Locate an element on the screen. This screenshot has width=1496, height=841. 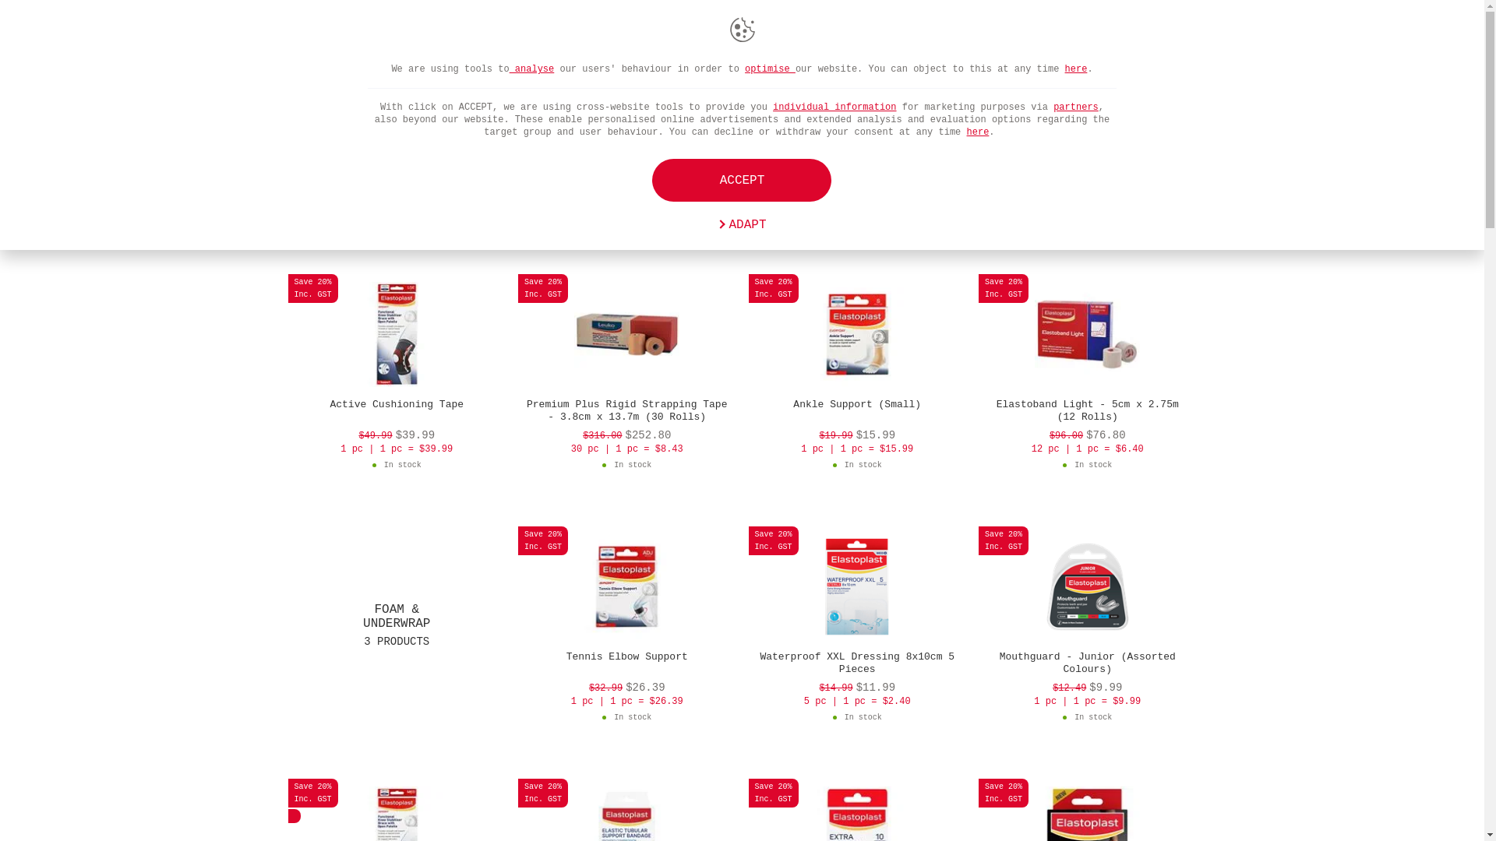
'home icon' is located at coordinates (295, 68).